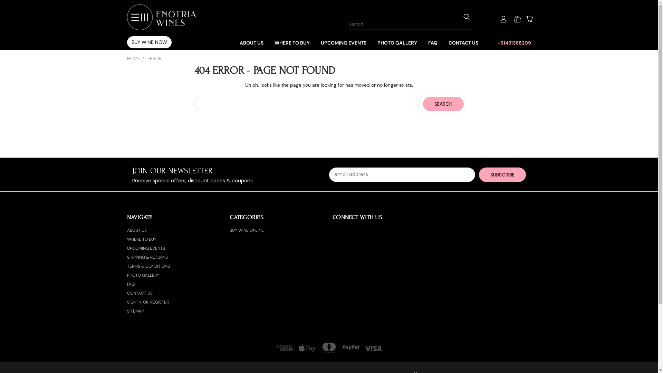  I want to click on 'TERMS & CONDITIONS', so click(148, 267).